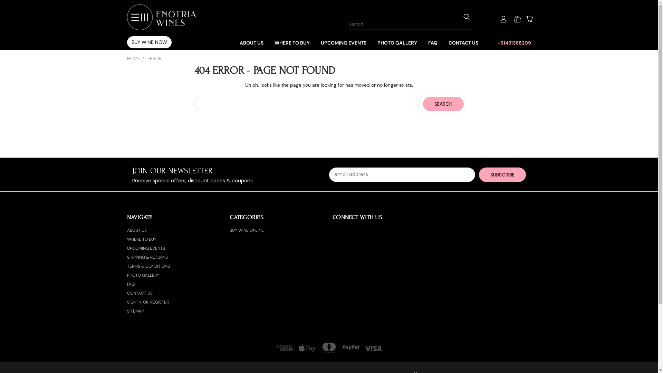  I want to click on 'TERMS & CONDITIONS', so click(148, 267).